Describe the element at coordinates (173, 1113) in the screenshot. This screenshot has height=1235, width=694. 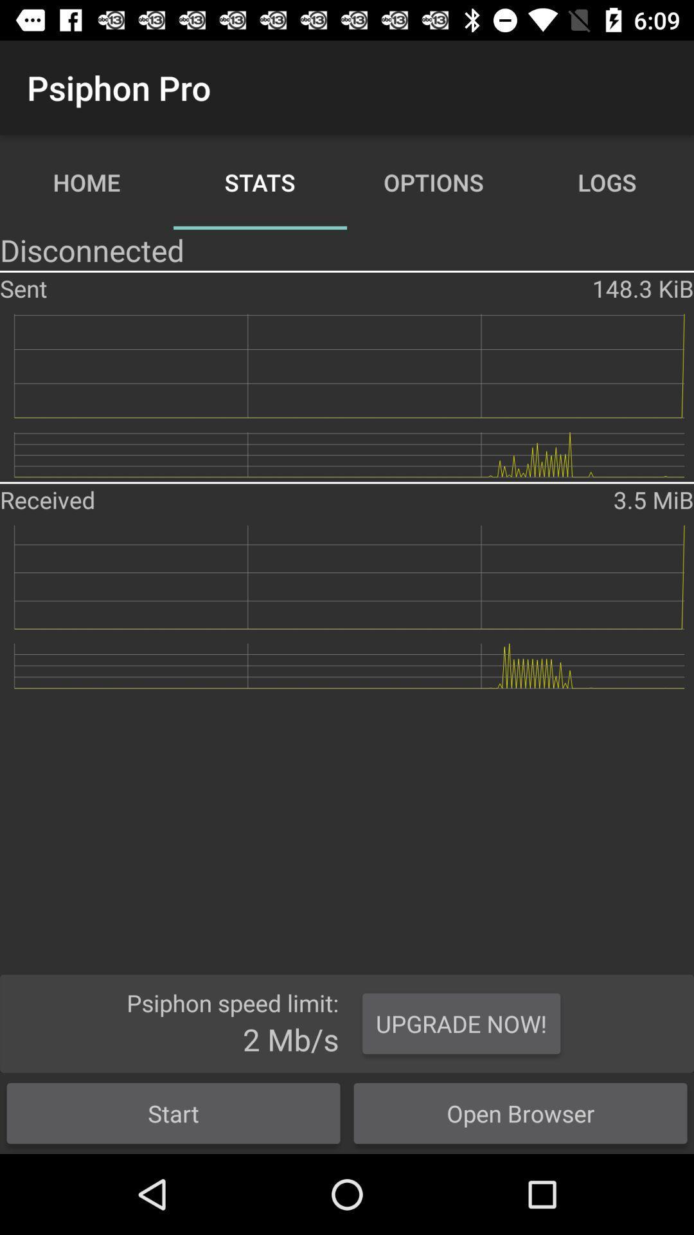
I see `start button` at that location.